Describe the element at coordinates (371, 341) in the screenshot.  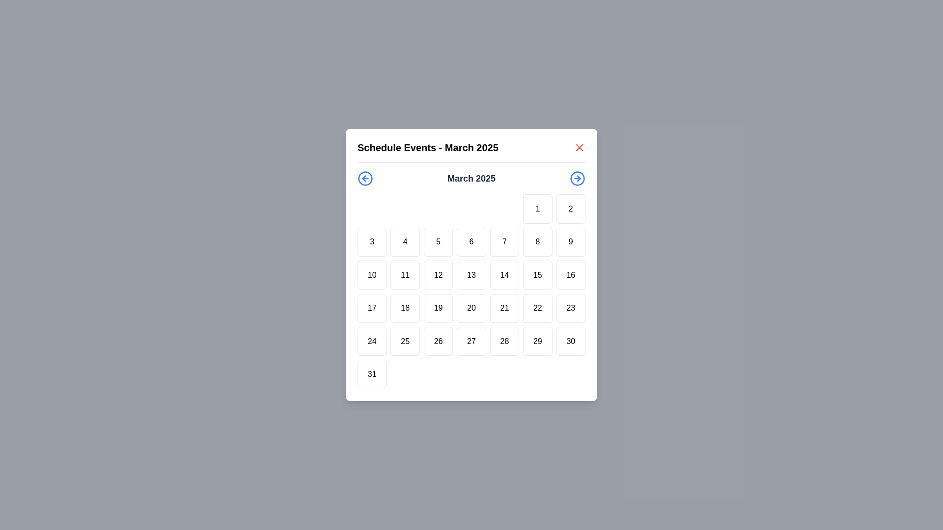
I see `the twenty-fourth button in a calendar interface, positioned in the sixth row and first column of a grid` at that location.